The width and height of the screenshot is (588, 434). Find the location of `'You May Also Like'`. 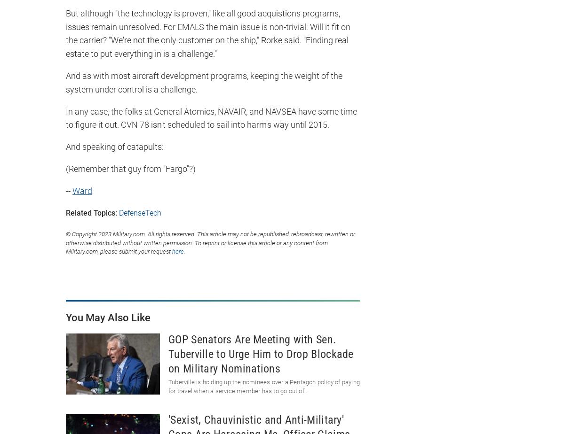

'You May Also Like' is located at coordinates (66, 318).